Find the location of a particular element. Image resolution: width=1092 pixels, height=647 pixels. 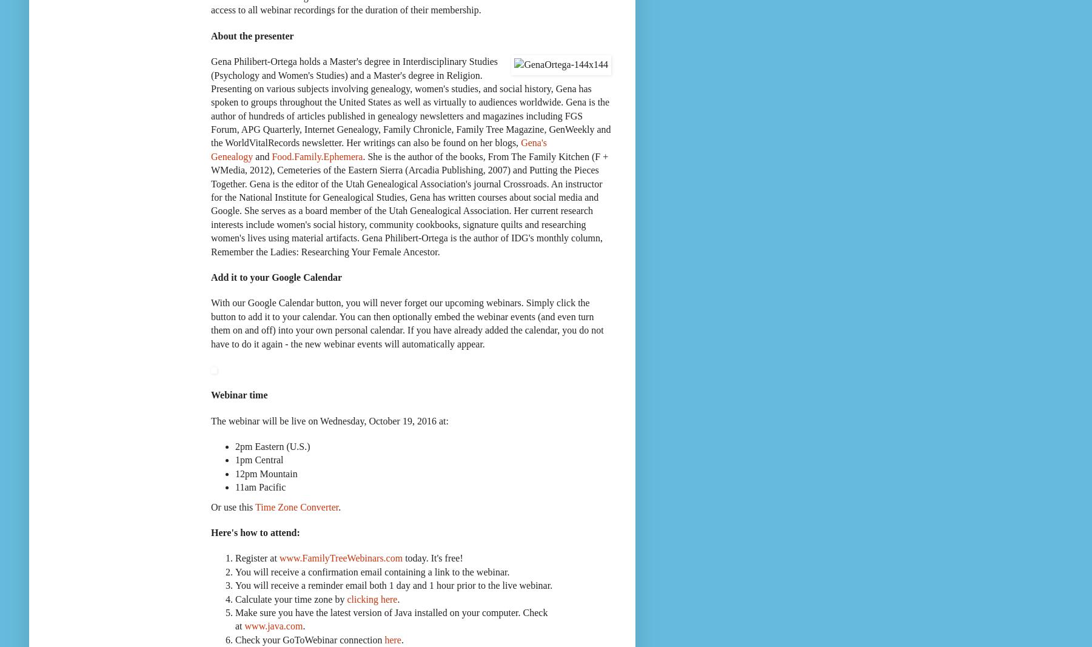

'Add it to your Google Calendar' is located at coordinates (276, 276).